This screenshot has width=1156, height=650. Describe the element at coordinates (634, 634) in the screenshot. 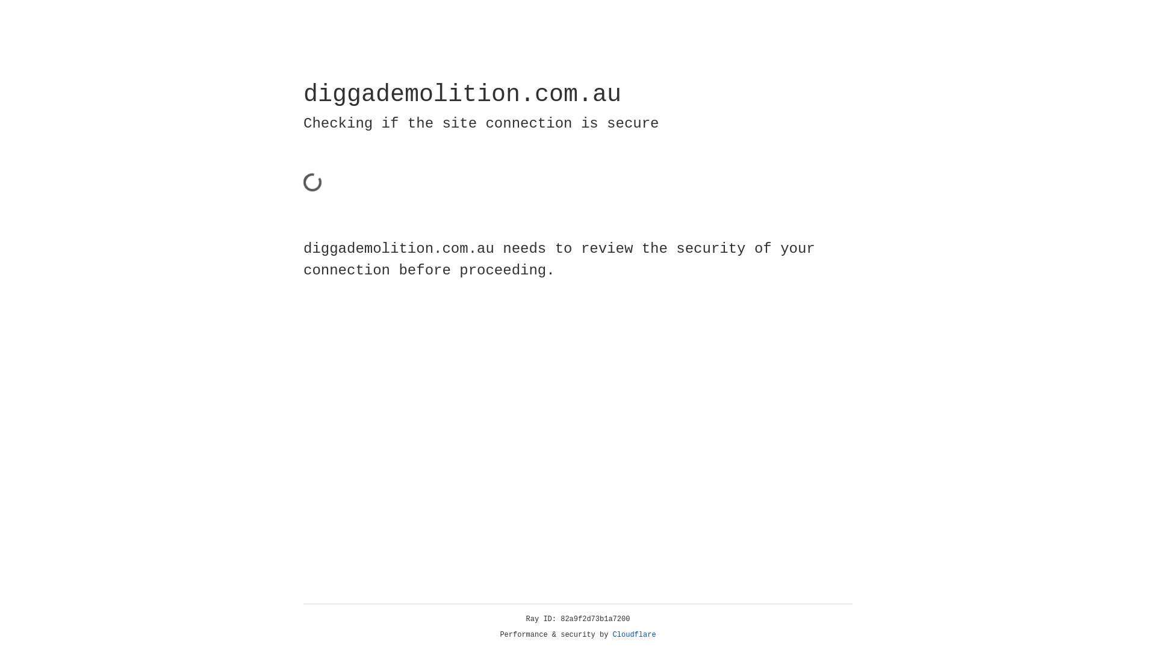

I see `'Cloudflare'` at that location.